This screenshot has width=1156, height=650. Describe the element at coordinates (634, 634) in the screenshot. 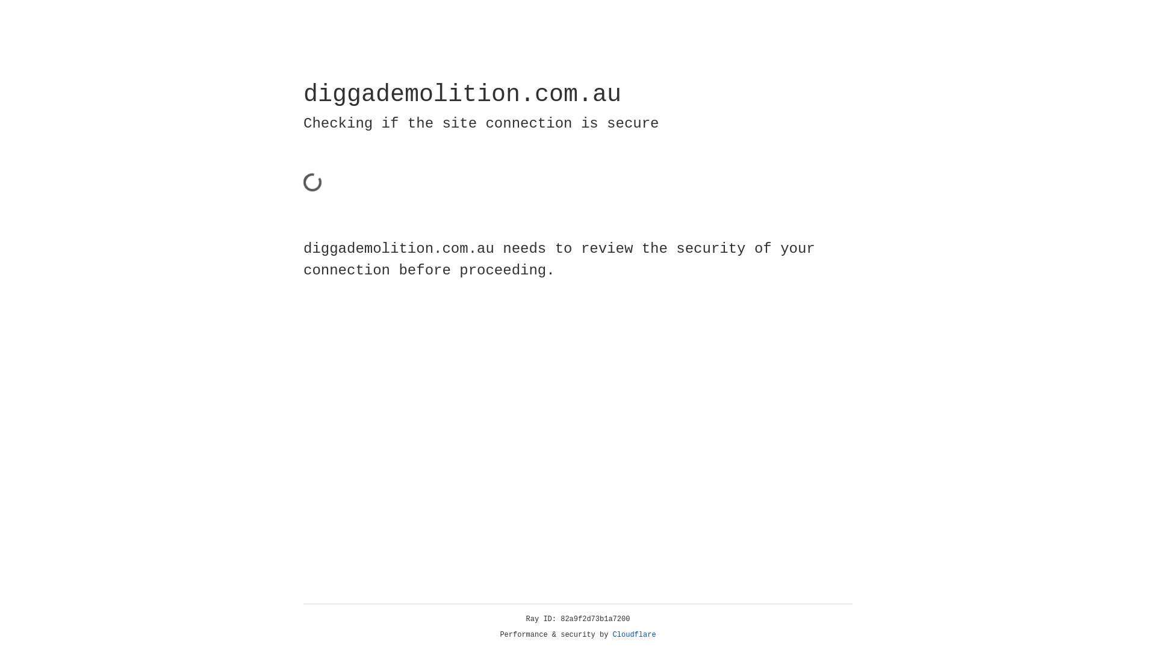

I see `'Cloudflare'` at that location.